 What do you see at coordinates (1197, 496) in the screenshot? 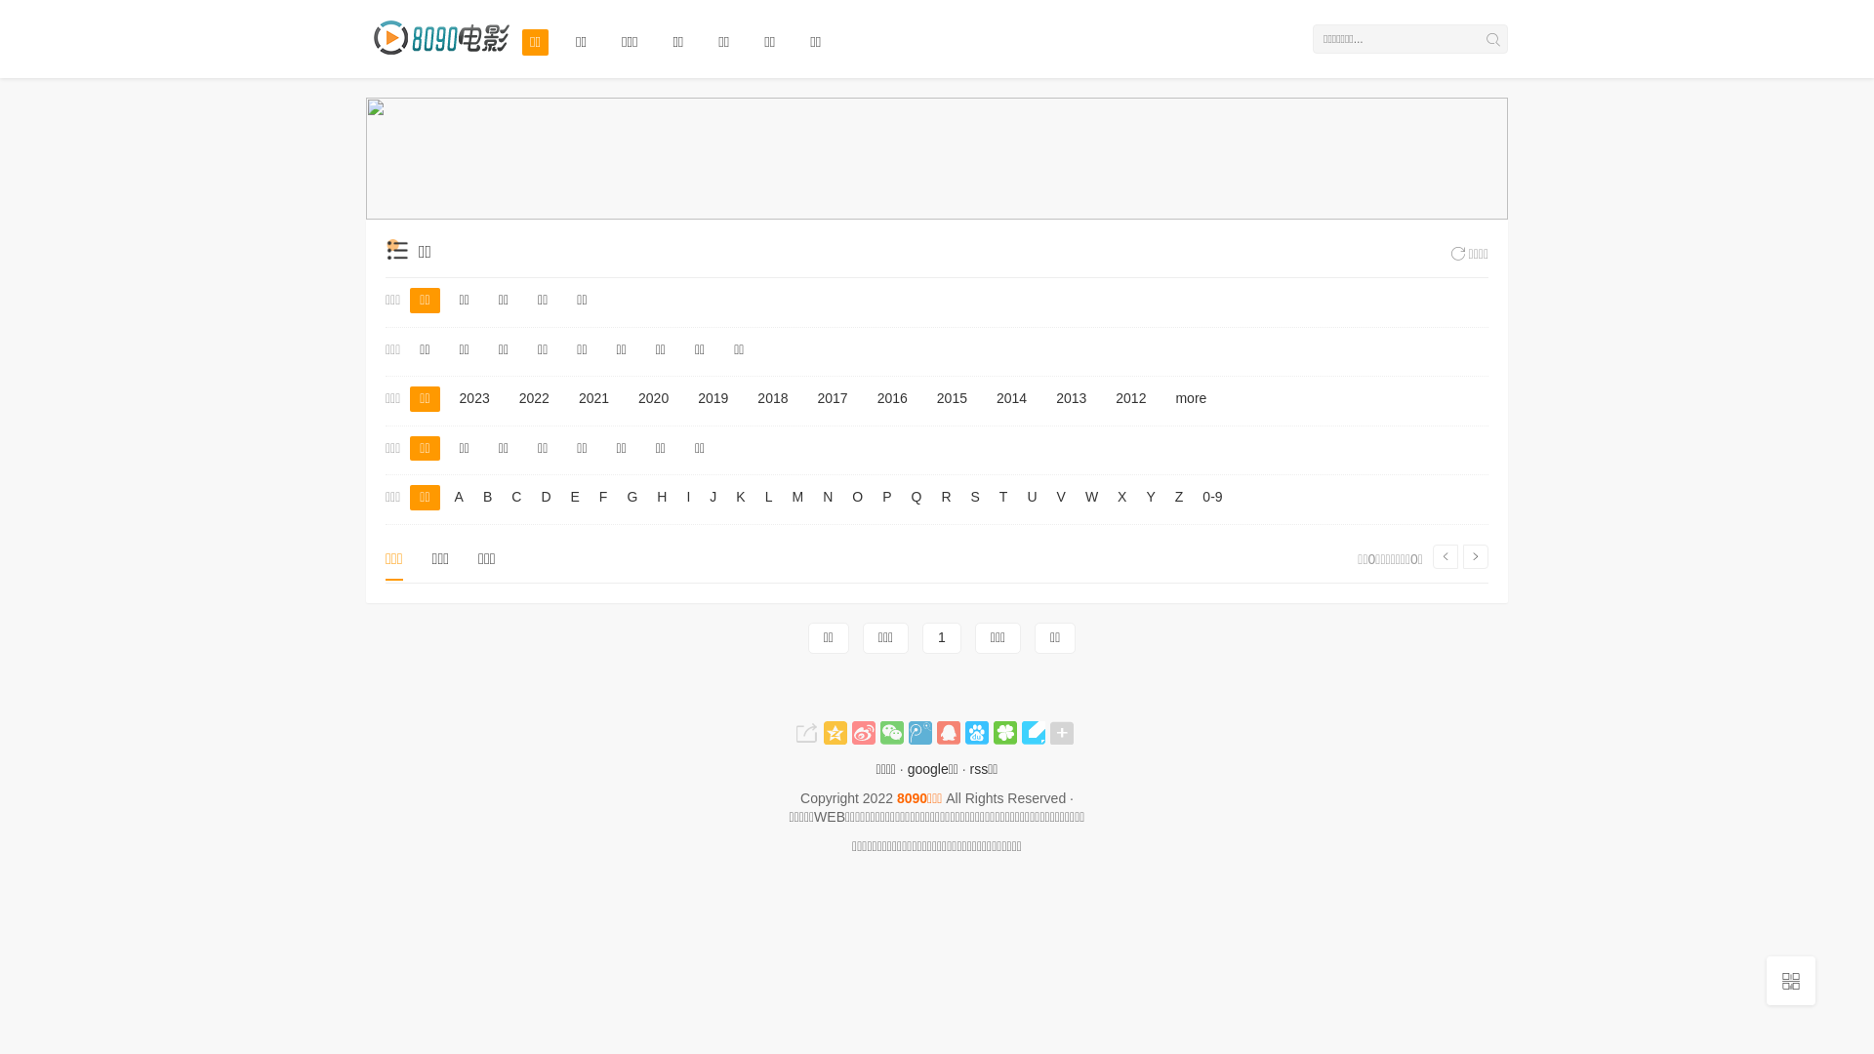
I see `'0-9'` at bounding box center [1197, 496].